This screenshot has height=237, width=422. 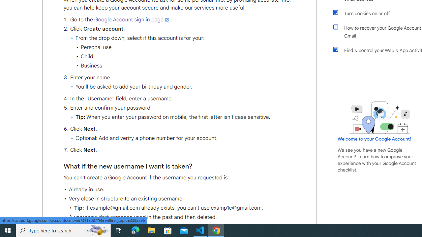 What do you see at coordinates (380, 117) in the screenshot?
I see `'Learning Center home page image'` at bounding box center [380, 117].